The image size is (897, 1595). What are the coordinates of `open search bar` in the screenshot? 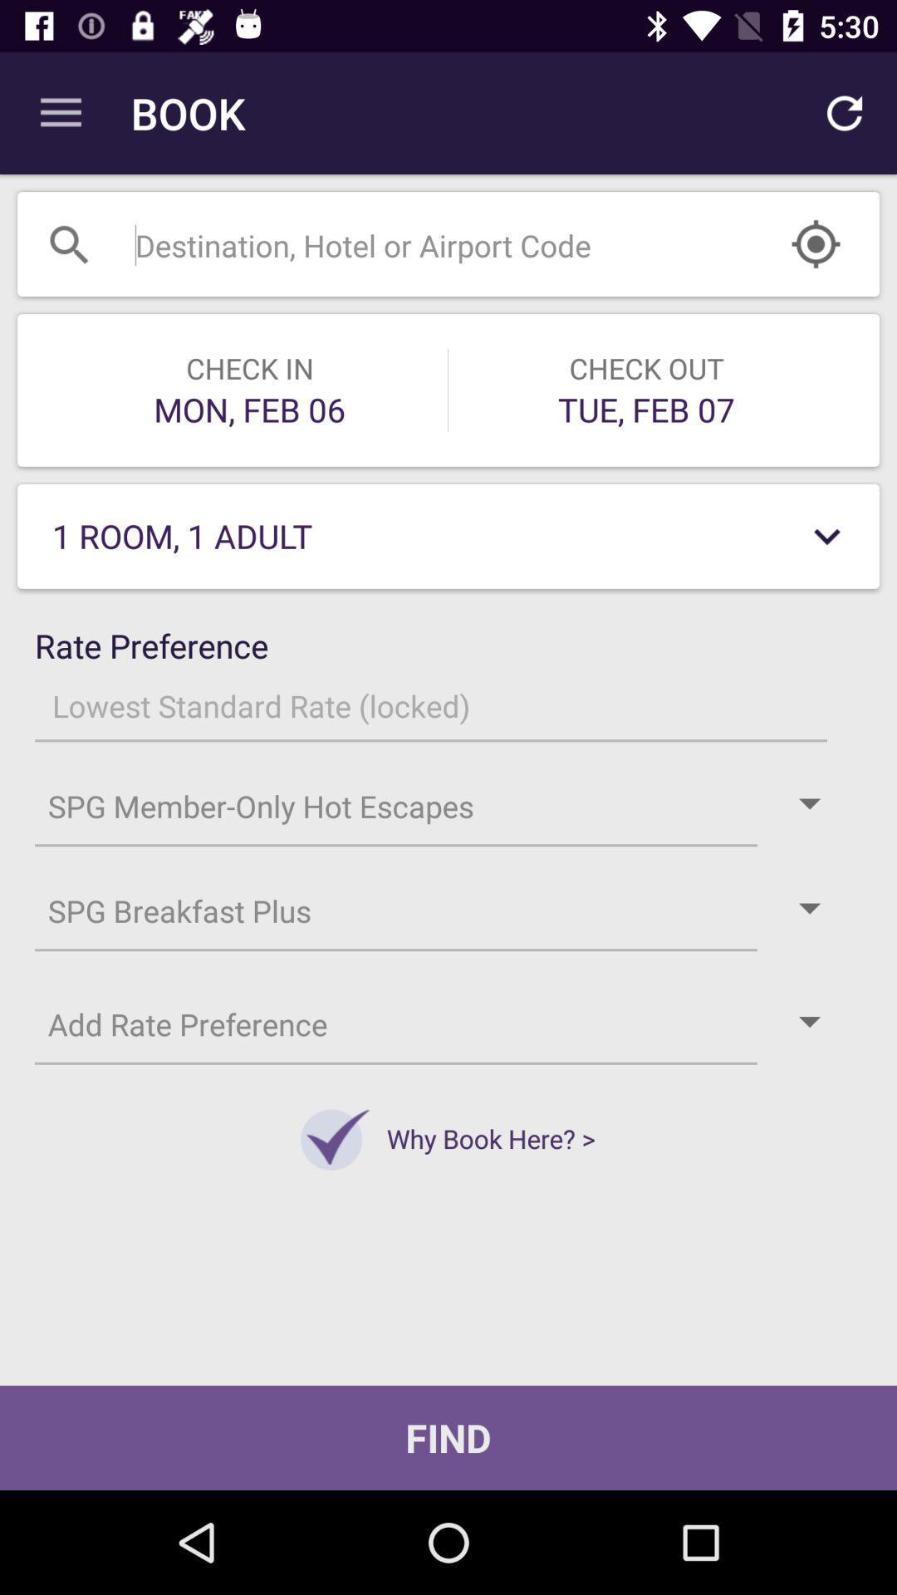 It's located at (406, 243).